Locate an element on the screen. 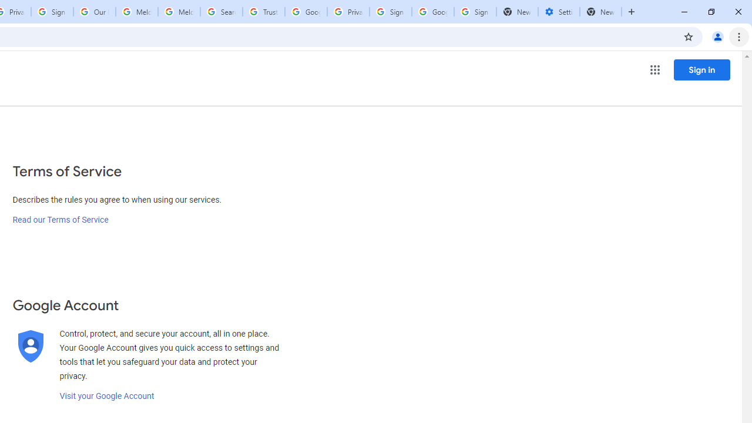 Image resolution: width=752 pixels, height=423 pixels. 'Settings - Addresses and more' is located at coordinates (558, 12).